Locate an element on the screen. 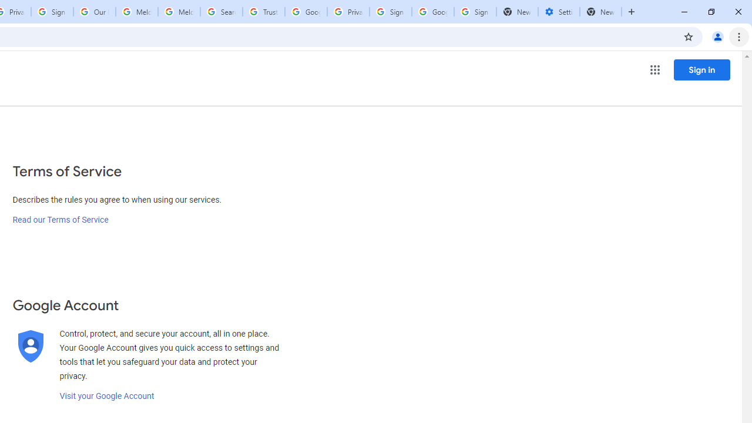 Image resolution: width=752 pixels, height=423 pixels. 'Settings - Addresses and more' is located at coordinates (558, 12).